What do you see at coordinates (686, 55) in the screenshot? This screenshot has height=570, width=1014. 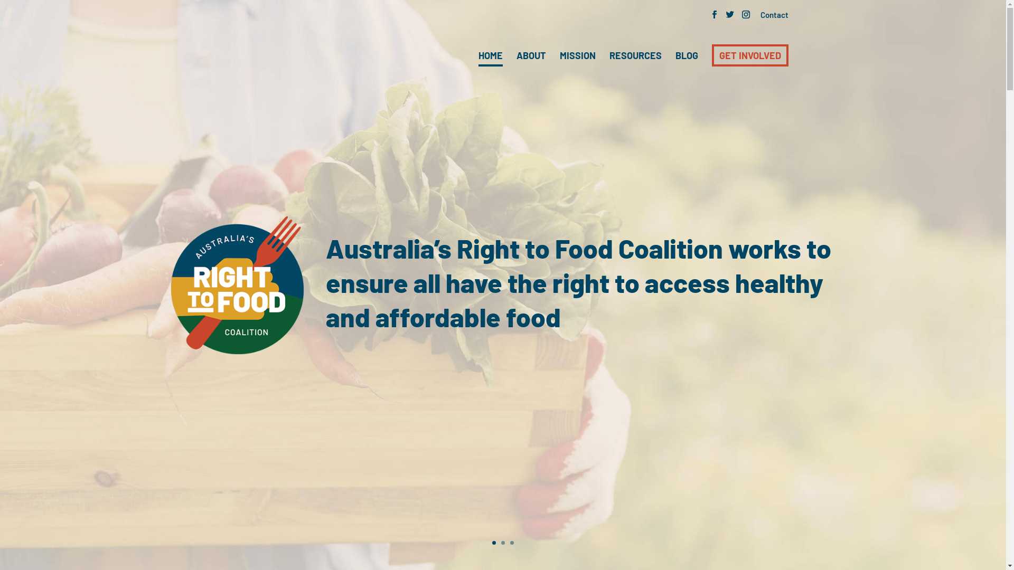 I see `'BLOG'` at bounding box center [686, 55].